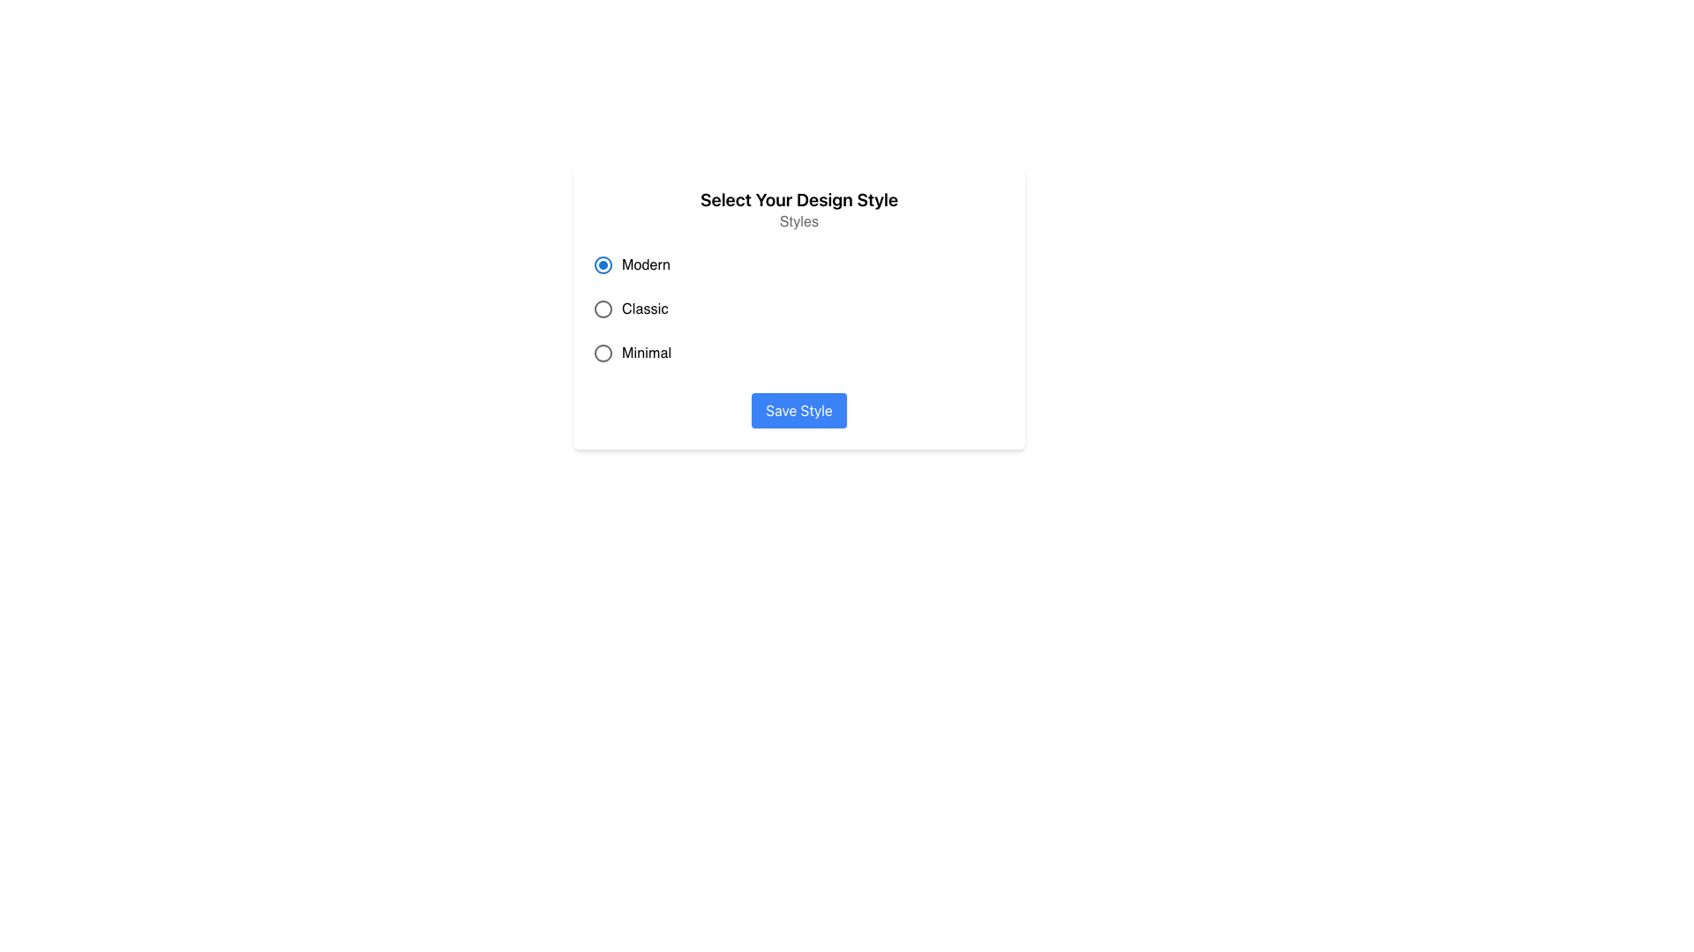 This screenshot has height=952, width=1694. I want to click on the blue 'Save Style' button with white text, so click(798, 411).